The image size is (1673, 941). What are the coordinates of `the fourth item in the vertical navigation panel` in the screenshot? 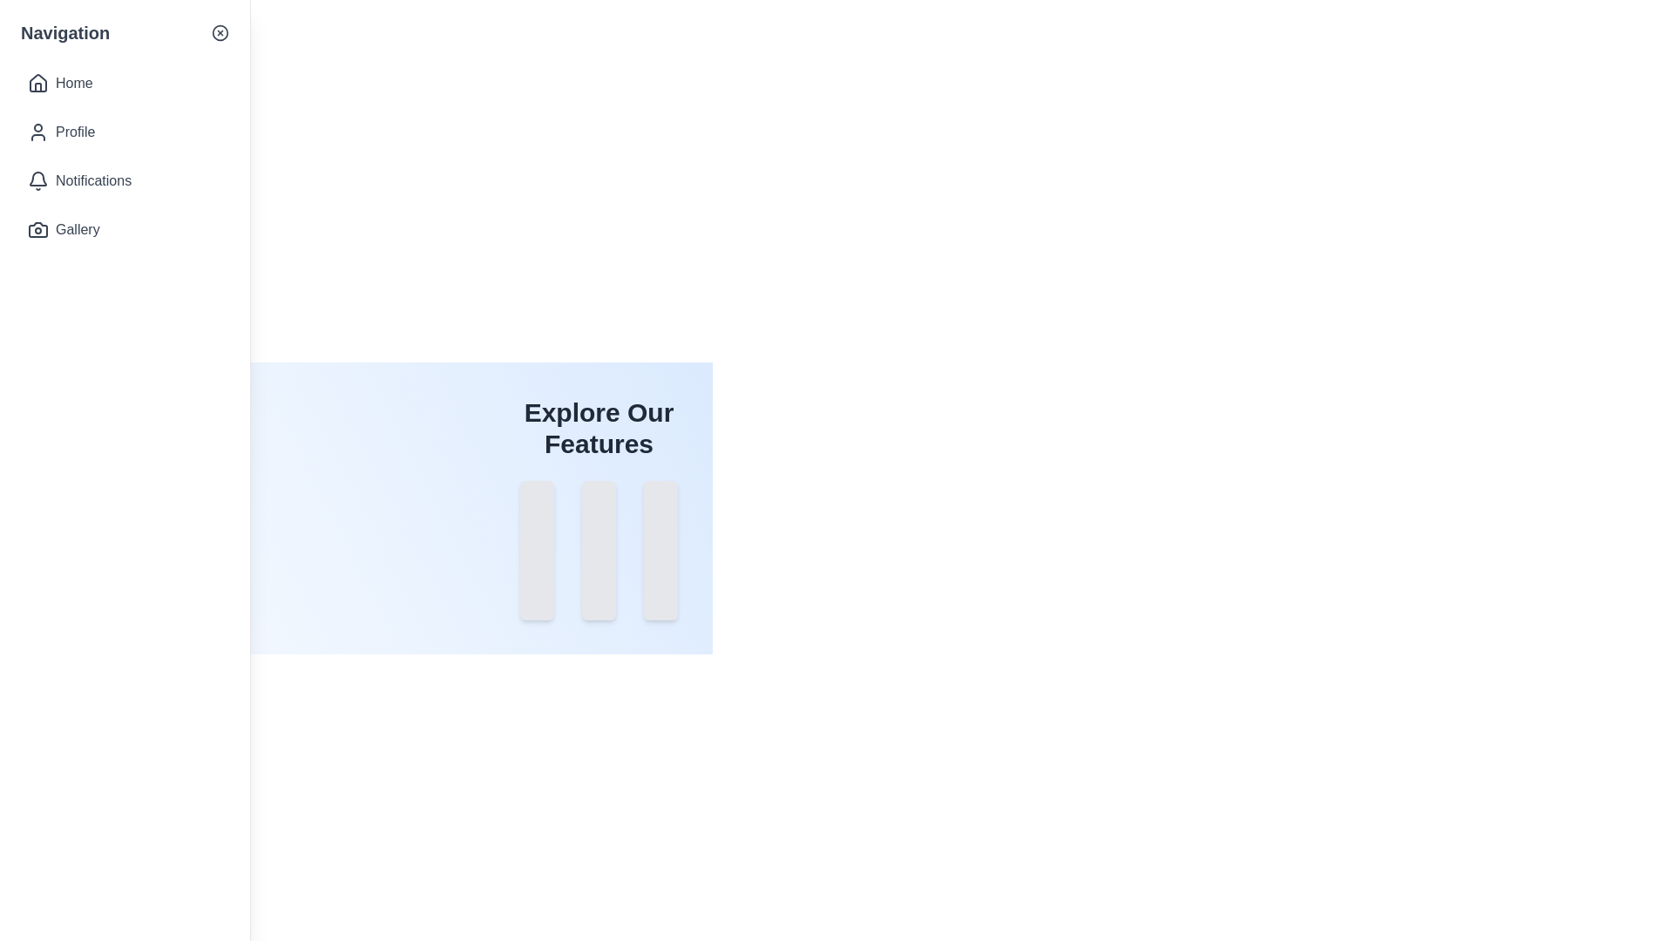 It's located at (124, 228).